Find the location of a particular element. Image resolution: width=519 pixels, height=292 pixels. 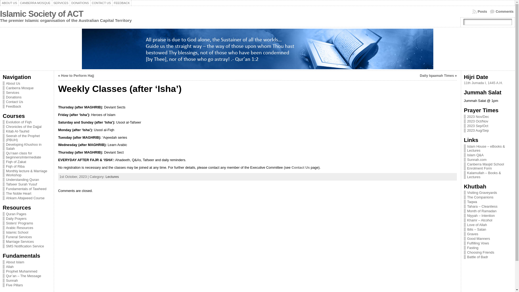

'FEEDBACK' is located at coordinates (121, 3).